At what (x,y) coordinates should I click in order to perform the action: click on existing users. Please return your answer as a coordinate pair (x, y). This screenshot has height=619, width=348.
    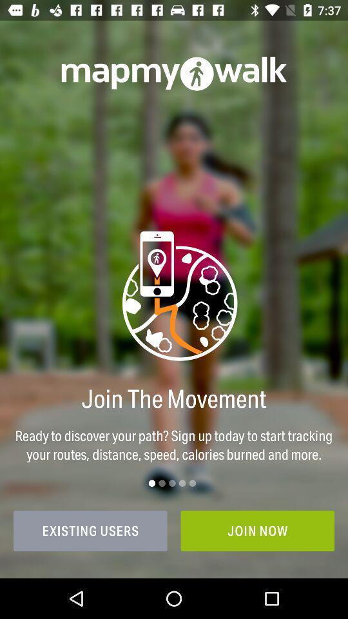
    Looking at the image, I should click on (90, 531).